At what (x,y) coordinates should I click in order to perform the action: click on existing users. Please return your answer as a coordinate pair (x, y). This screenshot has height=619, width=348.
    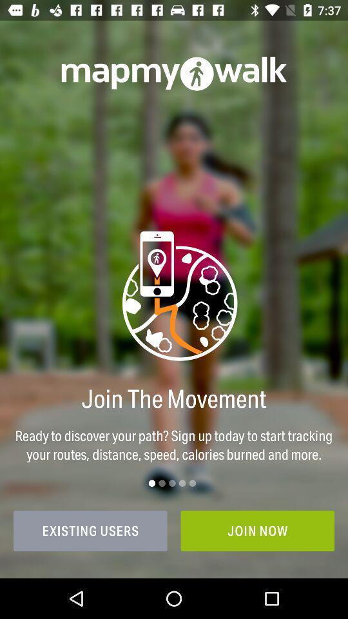
    Looking at the image, I should click on (90, 531).